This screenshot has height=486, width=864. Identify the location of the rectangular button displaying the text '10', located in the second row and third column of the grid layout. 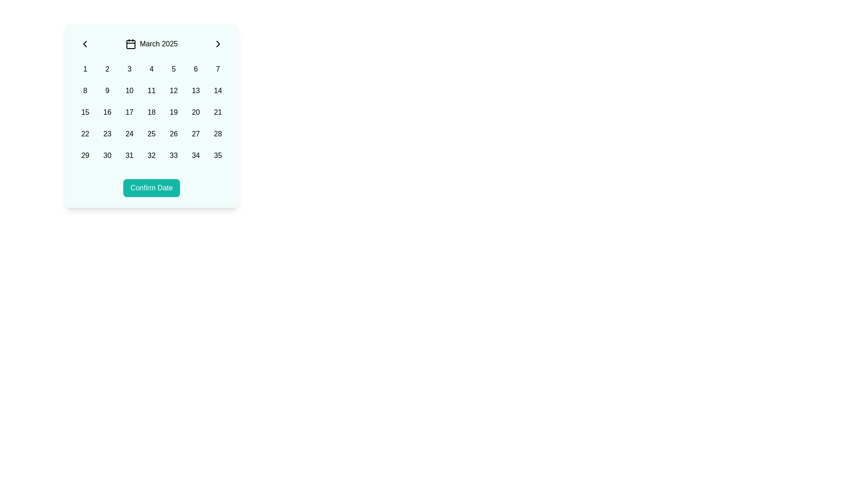
(129, 90).